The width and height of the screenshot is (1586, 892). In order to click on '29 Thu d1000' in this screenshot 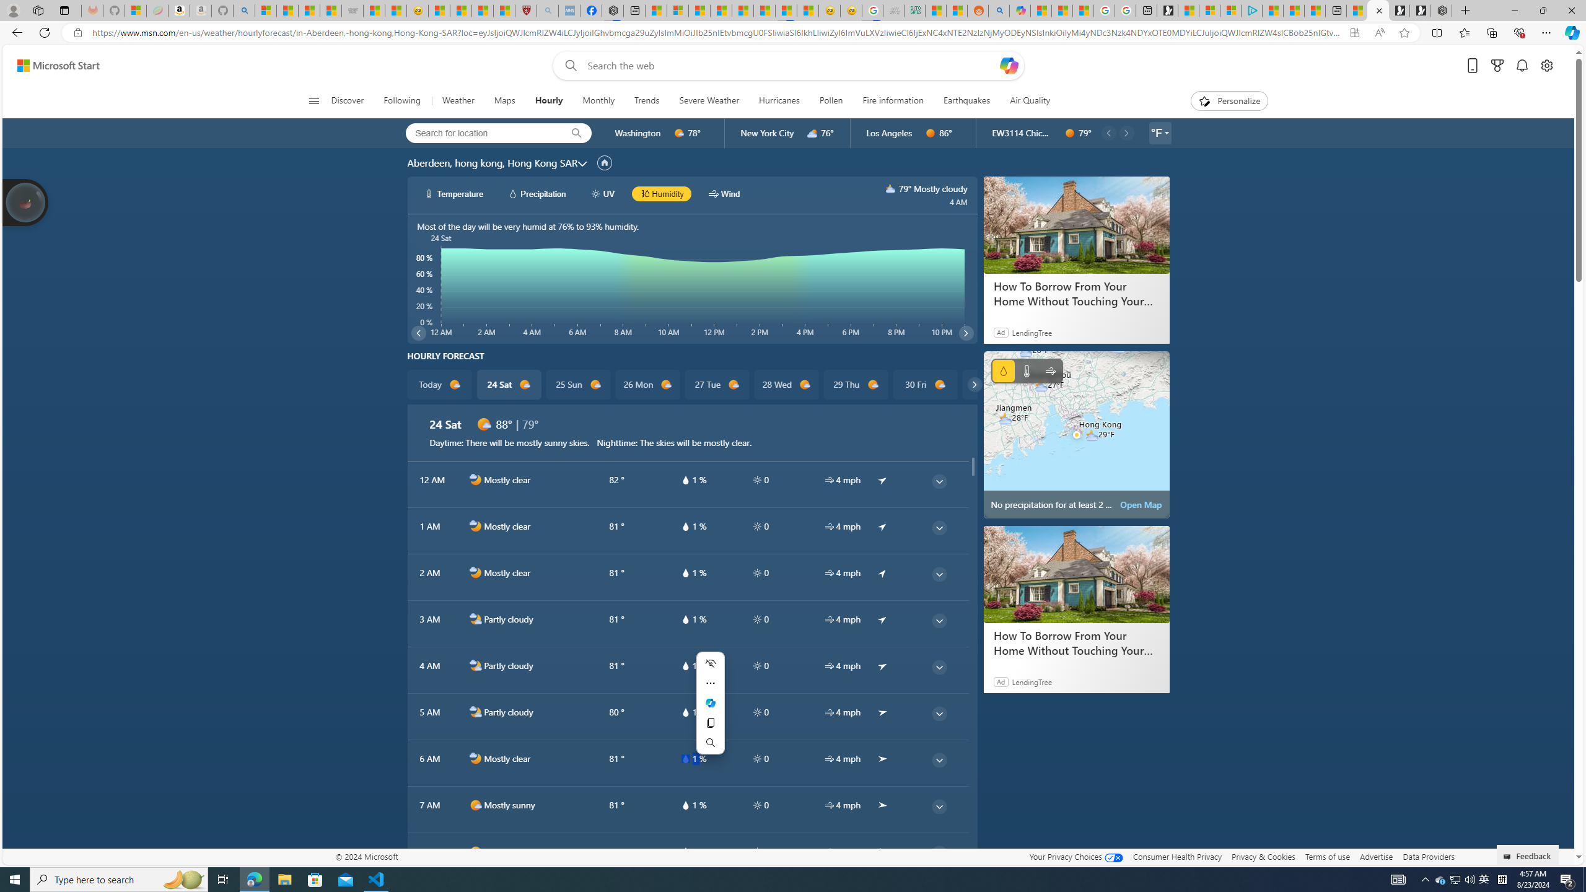, I will do `click(856, 384)`.